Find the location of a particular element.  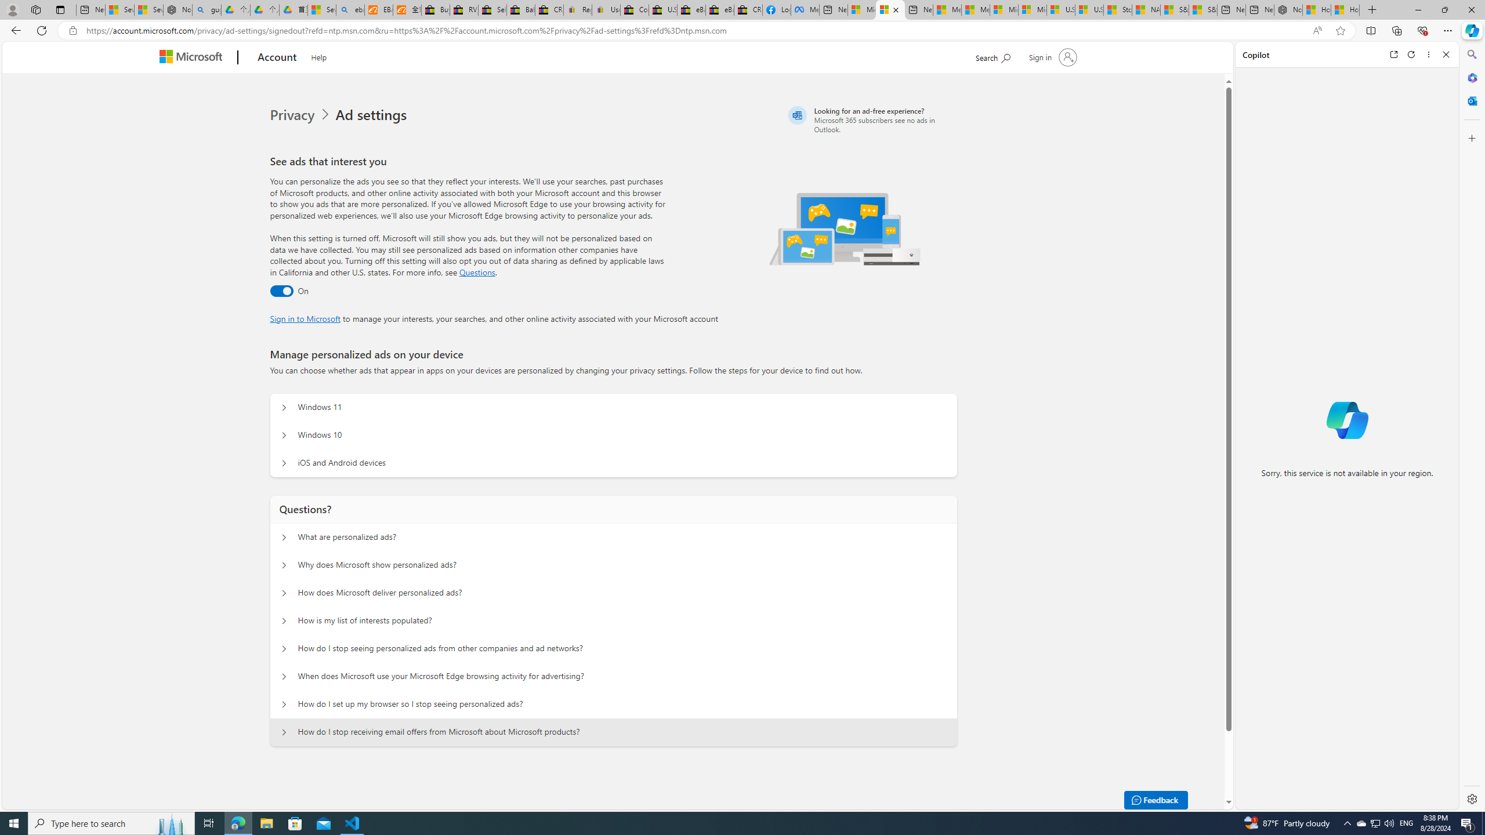

'ebay - Search' is located at coordinates (350, 9).